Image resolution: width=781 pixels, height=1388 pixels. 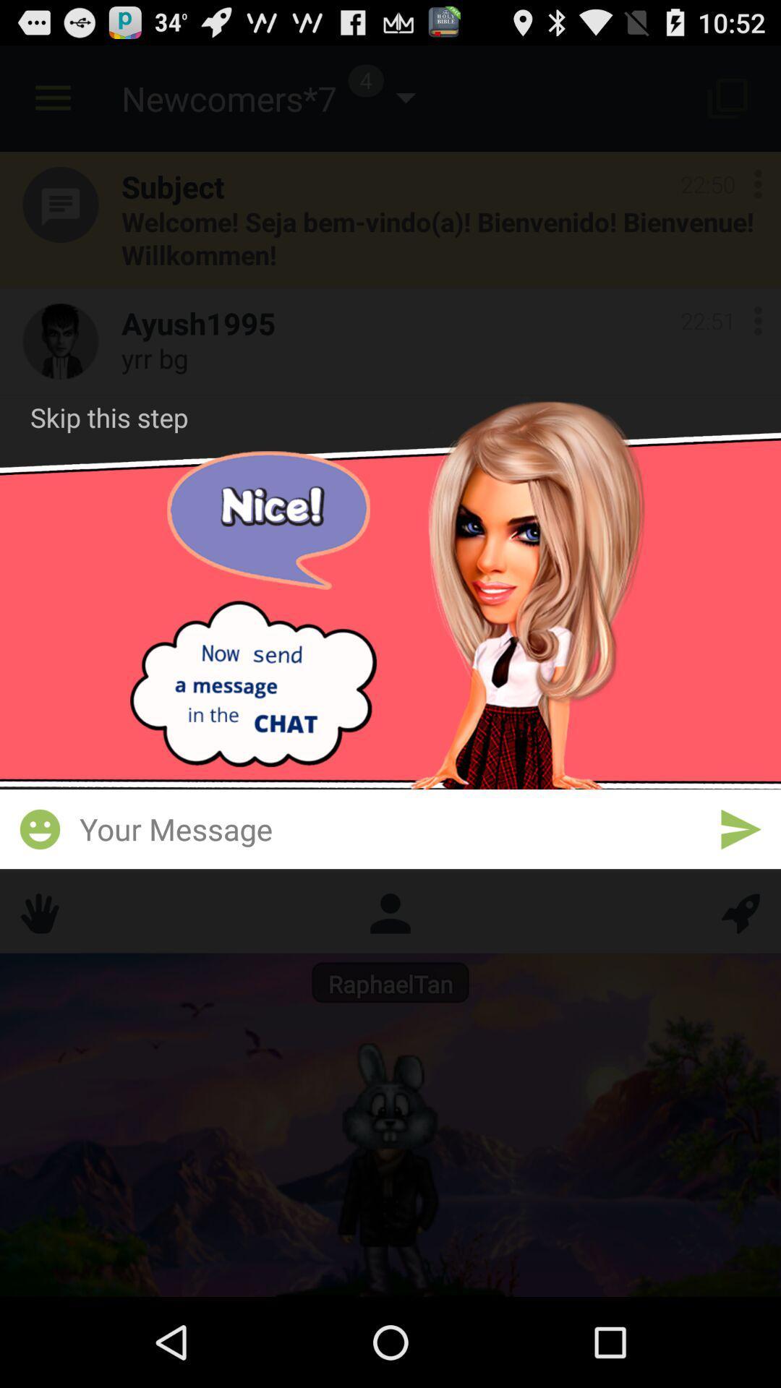 I want to click on the send icon, so click(x=741, y=886).